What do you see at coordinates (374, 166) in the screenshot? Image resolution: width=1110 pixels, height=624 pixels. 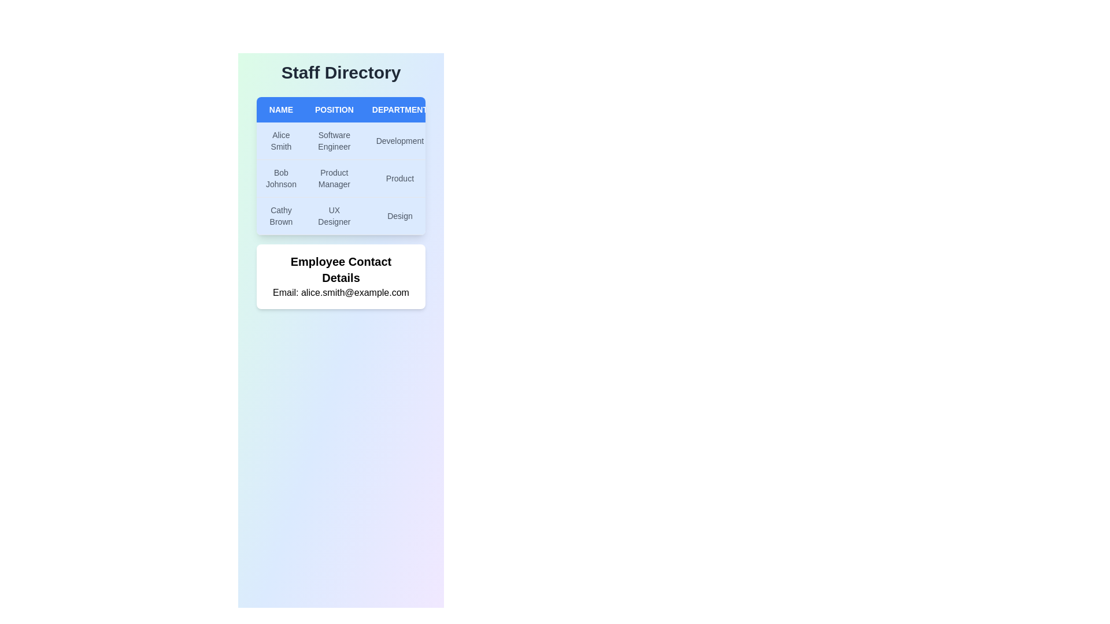 I see `the second row of the table with a light blue background that contains columns for 'Name', 'Position', 'Department', and 'Actions'` at bounding box center [374, 166].